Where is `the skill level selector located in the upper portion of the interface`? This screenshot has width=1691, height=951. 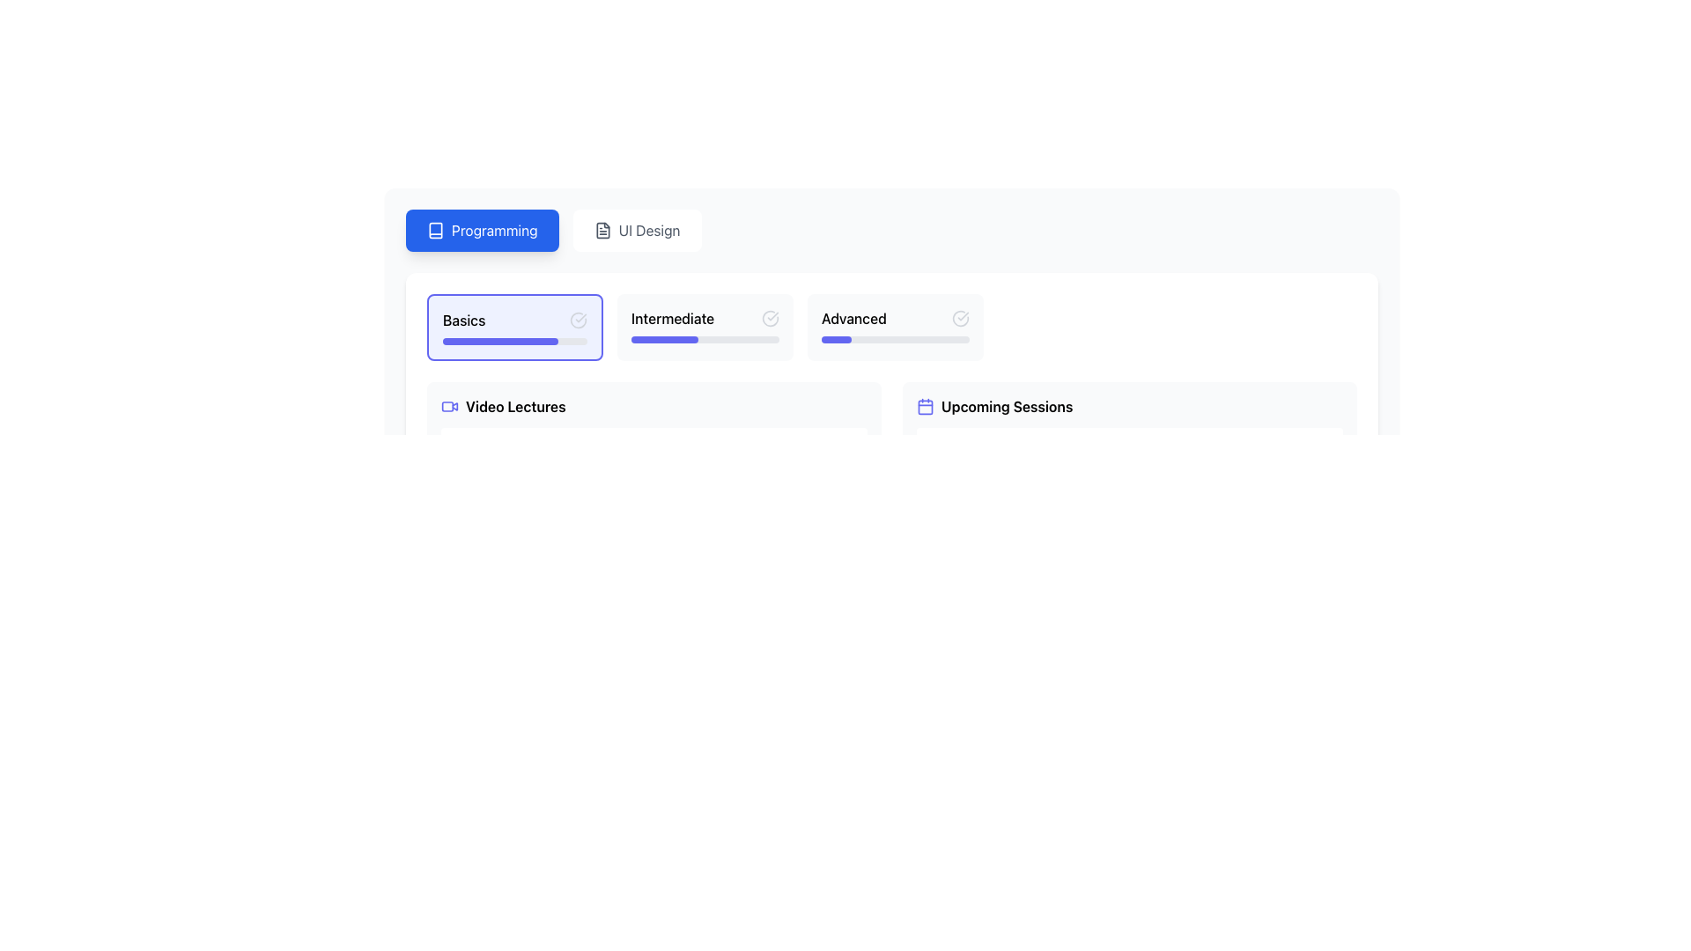 the skill level selector located in the upper portion of the interface is located at coordinates (891, 327).